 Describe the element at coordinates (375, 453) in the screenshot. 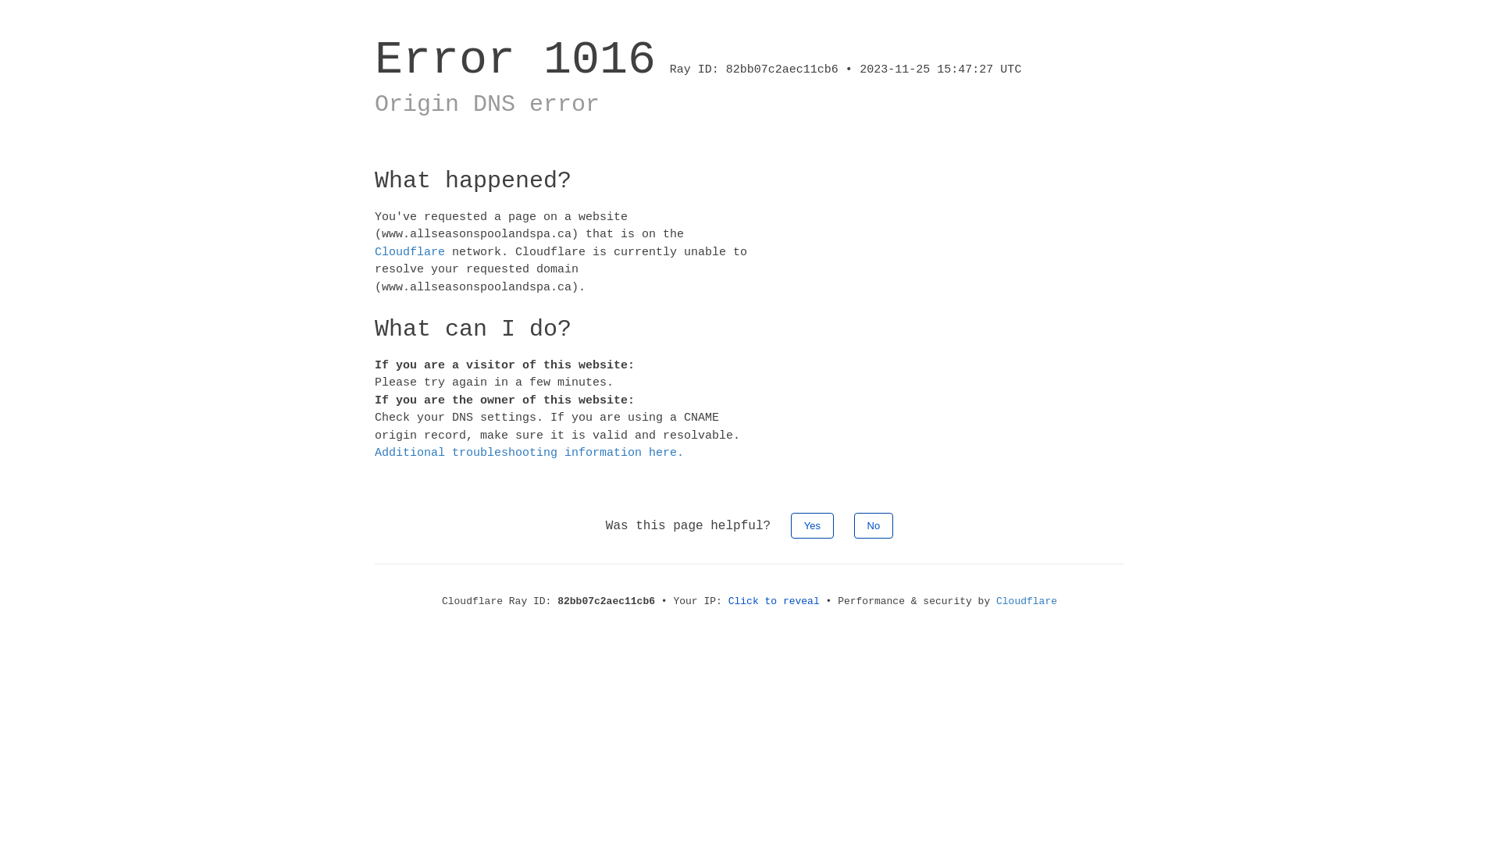

I see `'Additional troubleshooting information here.'` at that location.